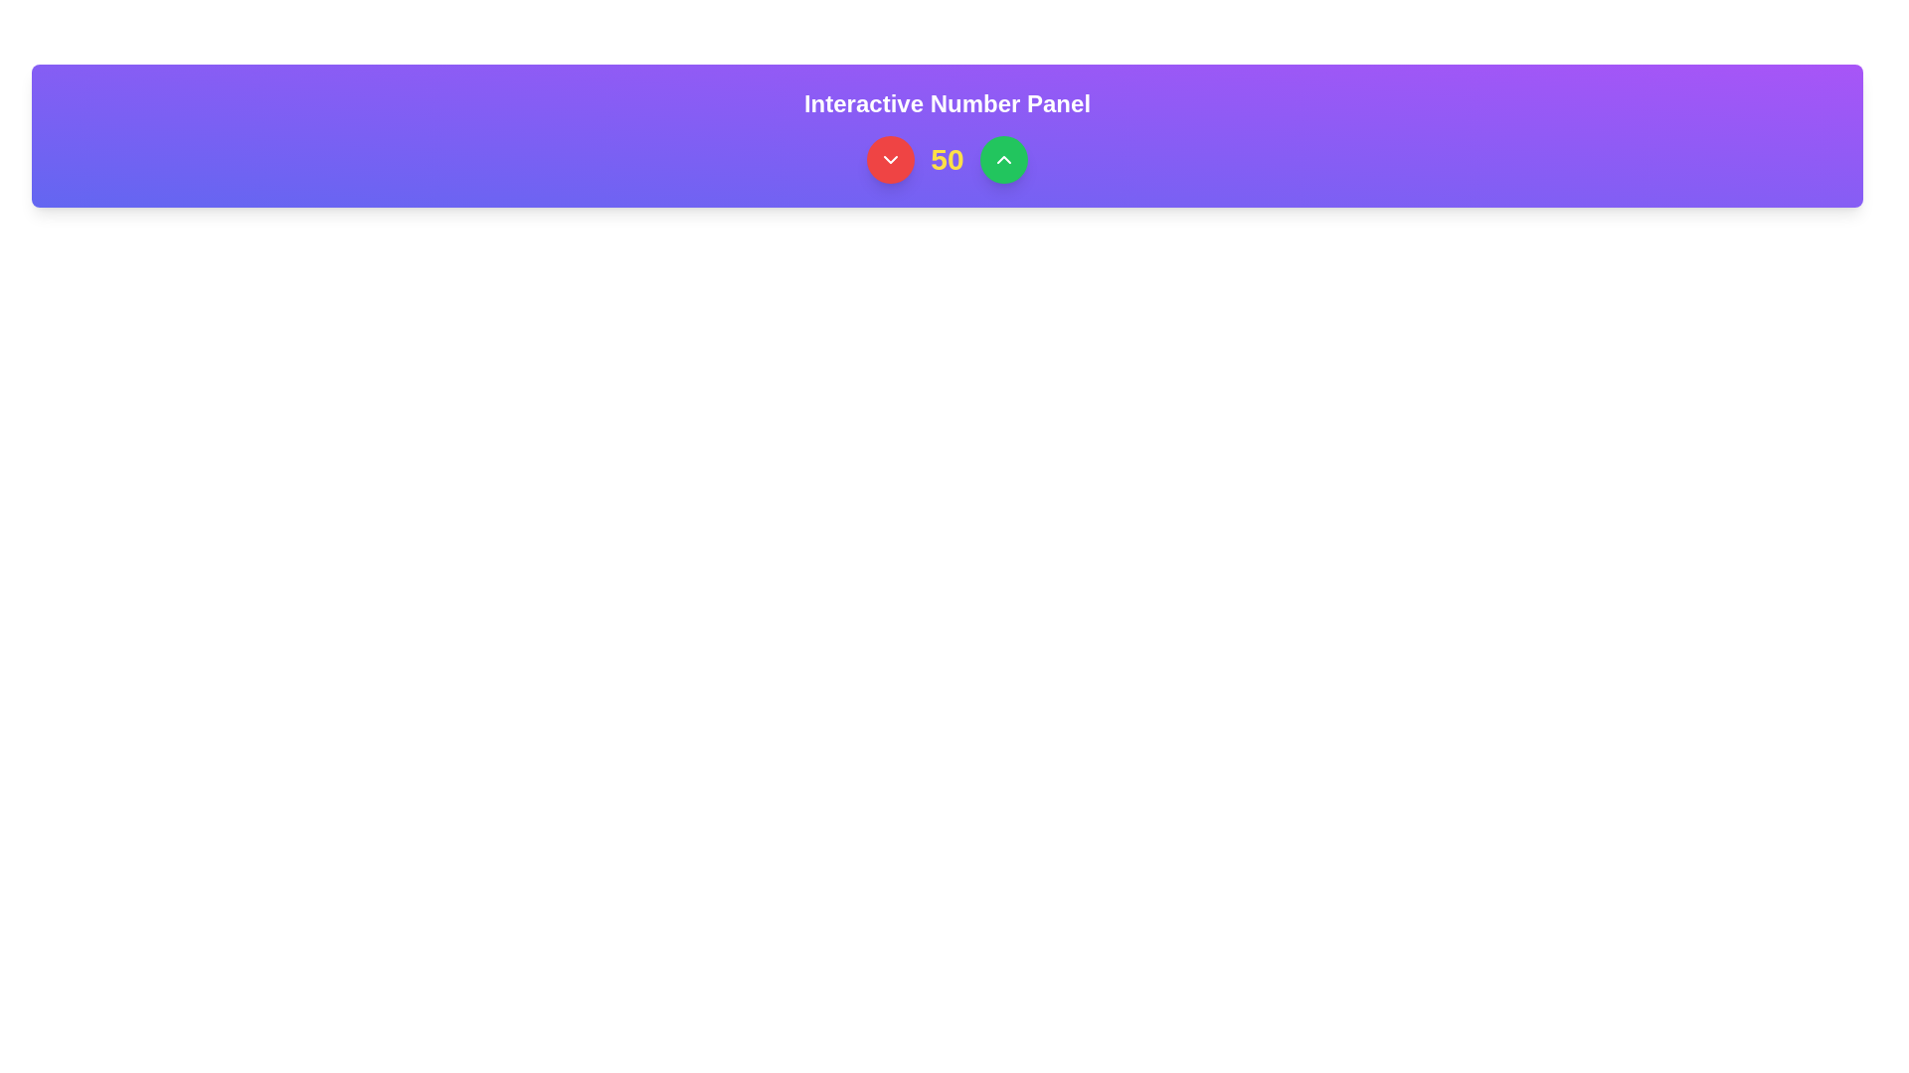 The width and height of the screenshot is (1909, 1073). Describe the element at coordinates (947, 159) in the screenshot. I see `the numeric value display in the 'Interactive Number Panel', which is positioned centrally between the red 'down' button and the green 'up' button` at that location.